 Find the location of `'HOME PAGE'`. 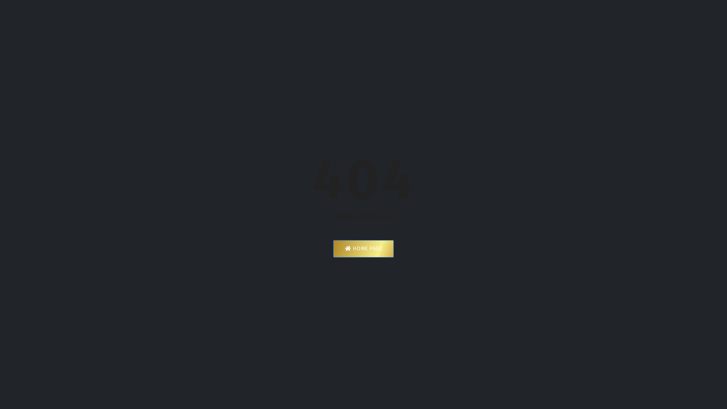

'HOME PAGE' is located at coordinates (363, 248).